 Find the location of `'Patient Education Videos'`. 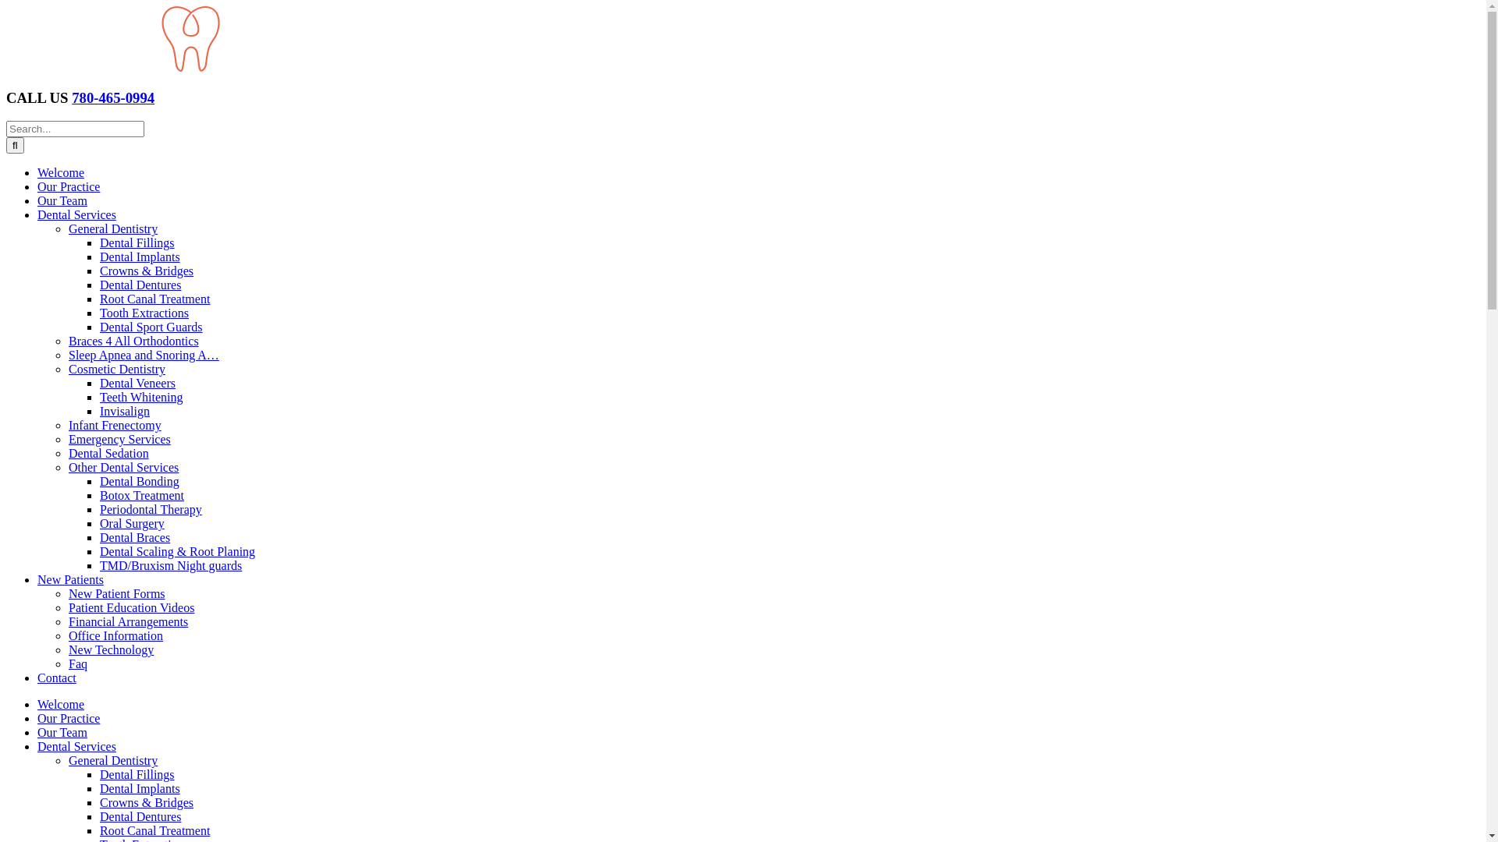

'Patient Education Videos' is located at coordinates (131, 607).